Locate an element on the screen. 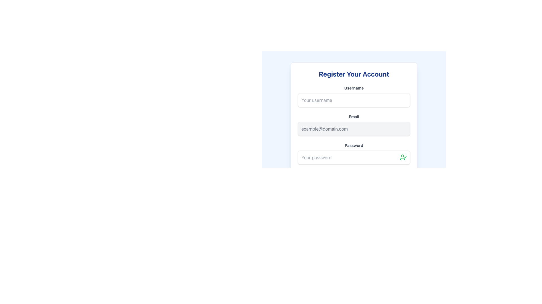 The height and width of the screenshot is (304, 542). the Static Text Header element, which is a bold, large blue header text centered at the top of the registration form, located directly above the username input field is located at coordinates (353, 73).